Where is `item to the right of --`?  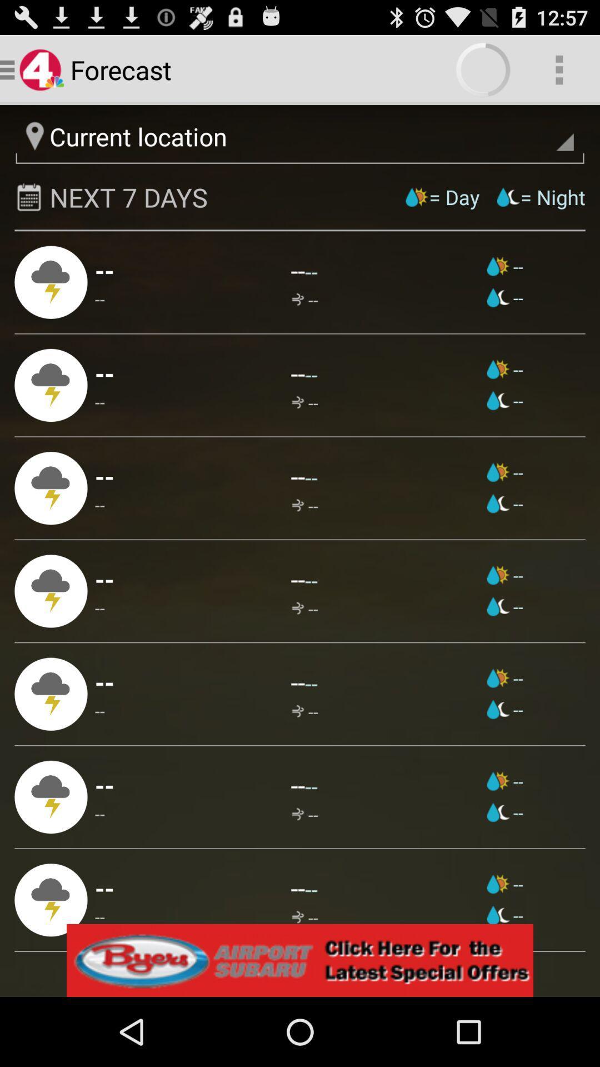 item to the right of -- is located at coordinates (505, 884).